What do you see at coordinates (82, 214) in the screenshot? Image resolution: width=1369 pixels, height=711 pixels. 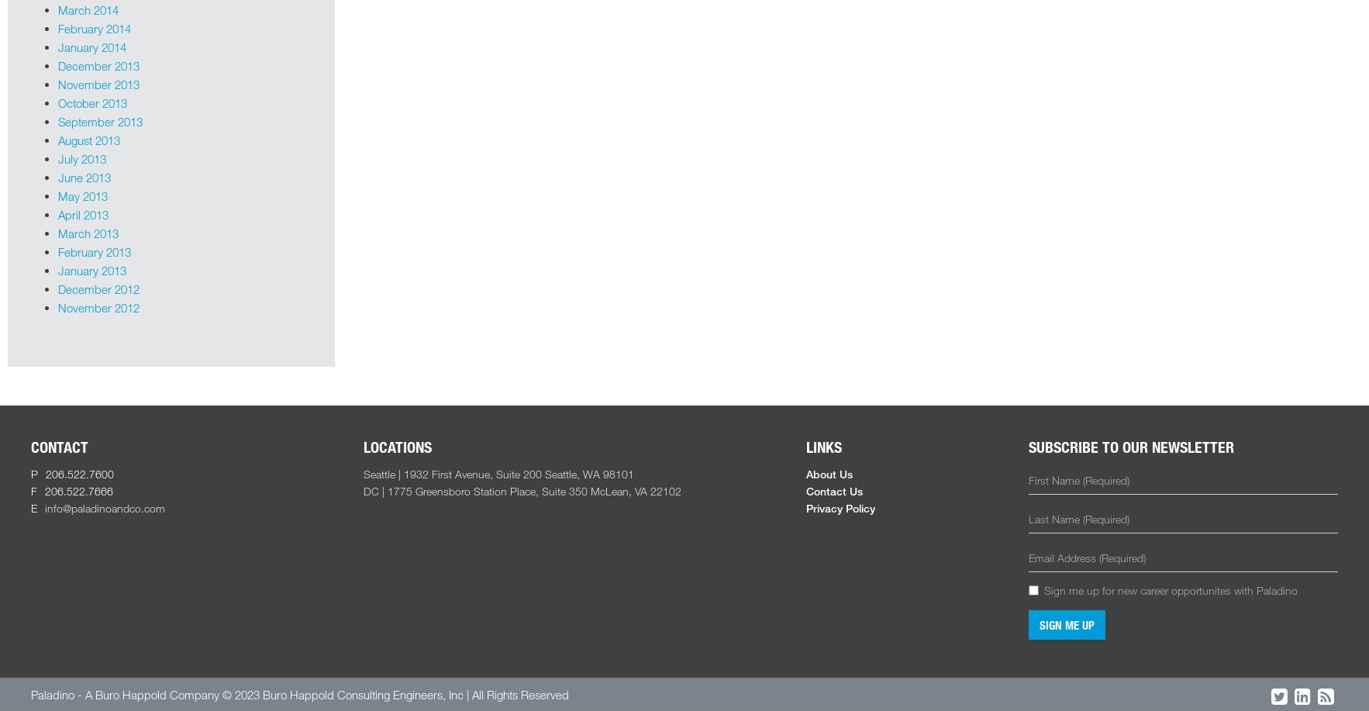 I see `'April 2013'` at bounding box center [82, 214].